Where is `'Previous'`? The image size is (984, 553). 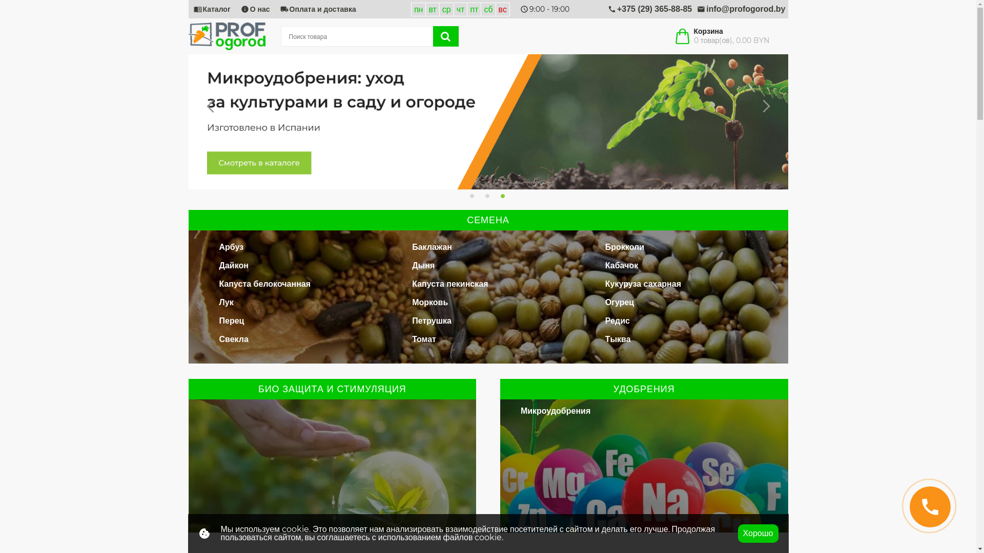
'Previous' is located at coordinates (211, 107).